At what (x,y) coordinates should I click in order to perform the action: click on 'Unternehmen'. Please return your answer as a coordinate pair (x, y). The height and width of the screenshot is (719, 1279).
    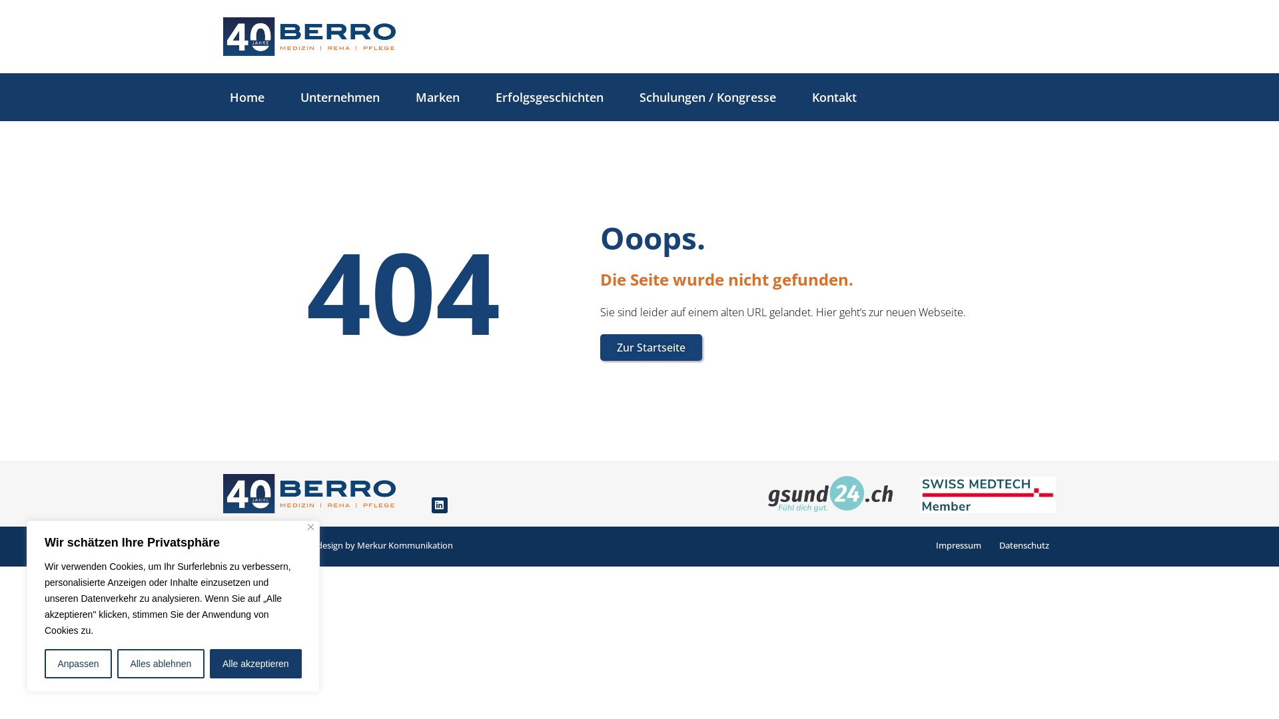
    Looking at the image, I should click on (287, 97).